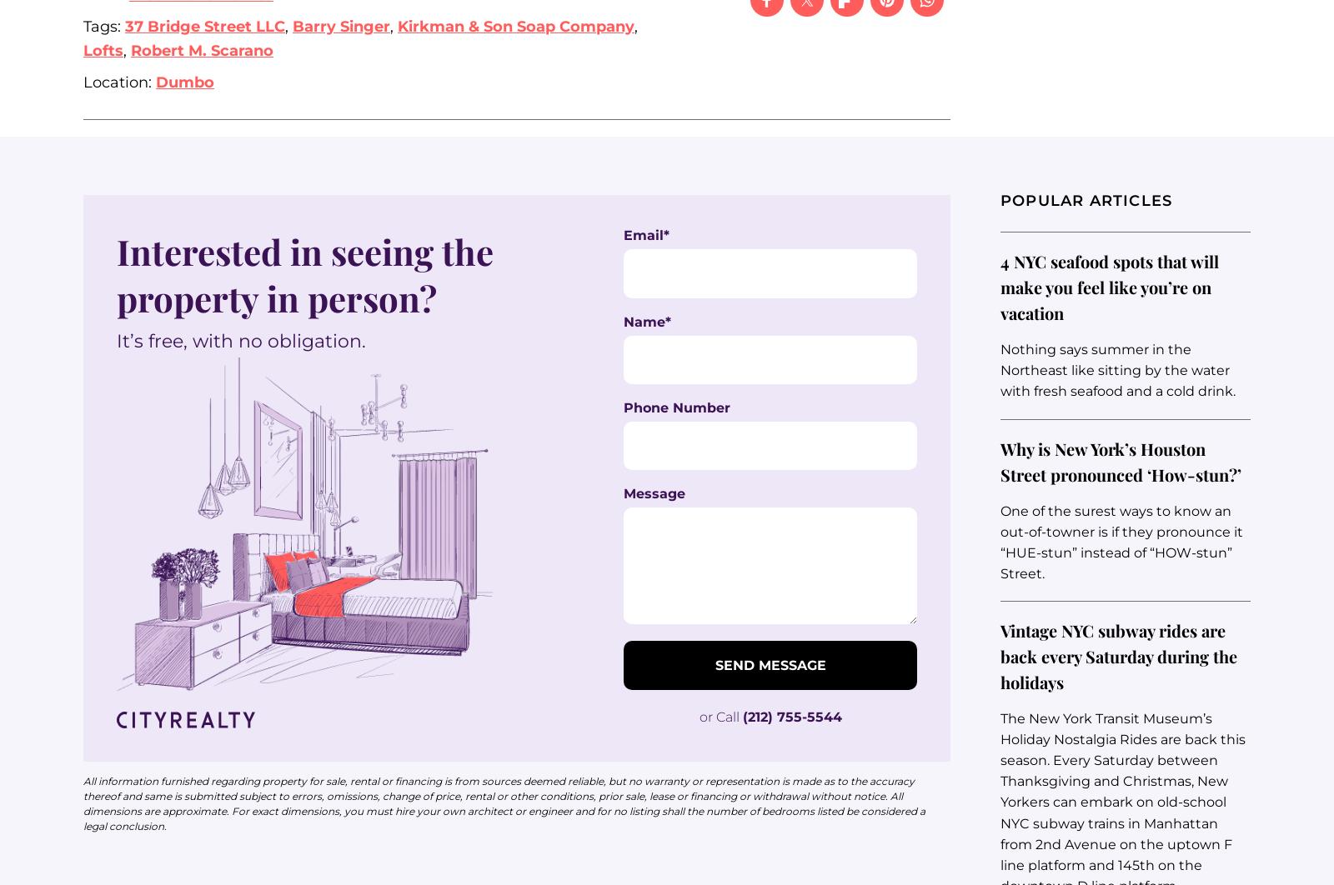  Describe the element at coordinates (241, 340) in the screenshot. I see `'It’s free, with no obligation.'` at that location.